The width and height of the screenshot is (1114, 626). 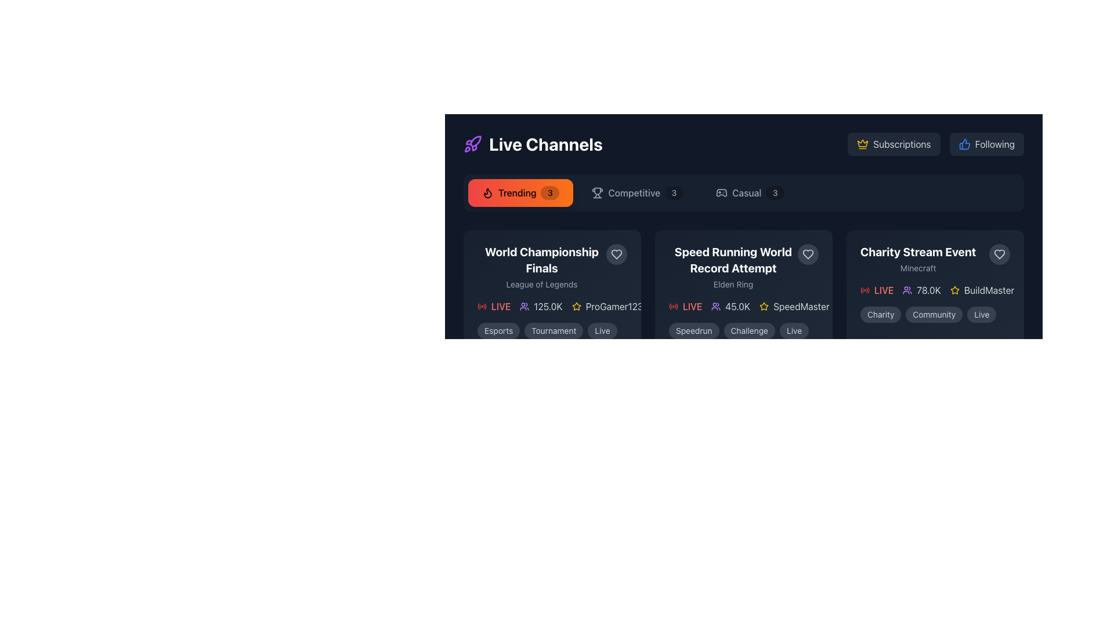 What do you see at coordinates (737, 305) in the screenshot?
I see `the text label displaying '45.0K', which is styled in light gray against a dark background and is located within a group of statistics components` at bounding box center [737, 305].